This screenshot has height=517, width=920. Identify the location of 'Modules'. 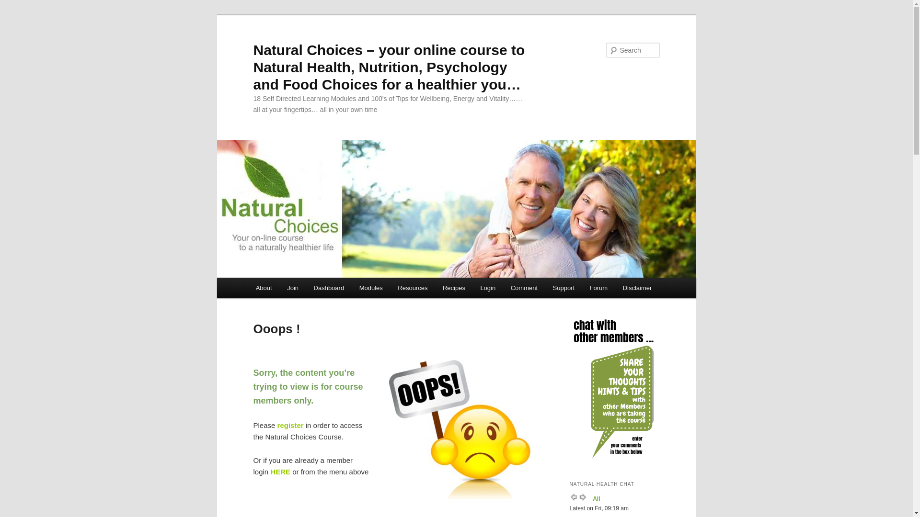
(351, 287).